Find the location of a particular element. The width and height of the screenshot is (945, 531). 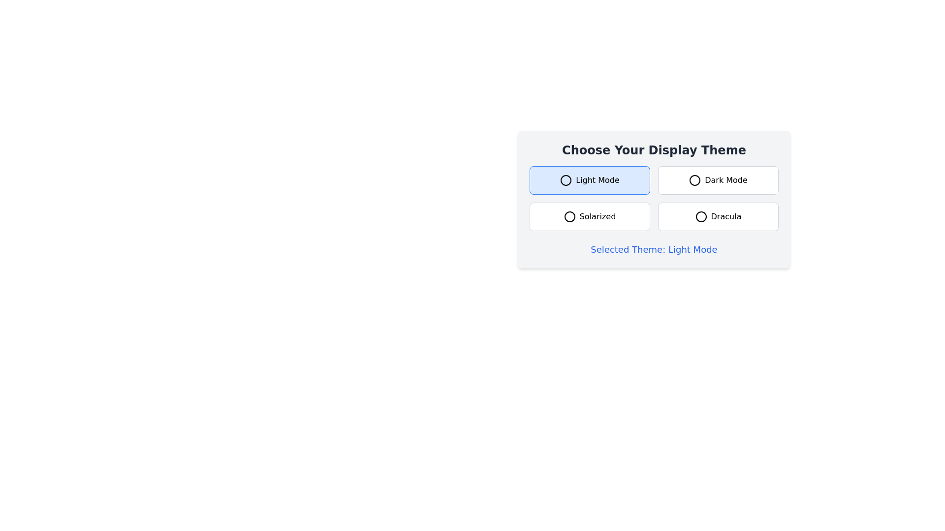

the 'Dark Mode' radio button text is located at coordinates (718, 180).